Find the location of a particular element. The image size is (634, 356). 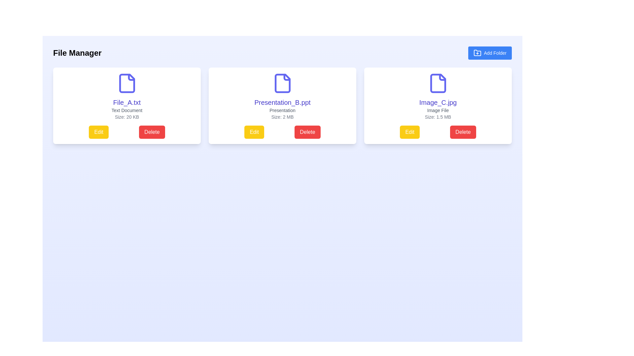

the delete button located below the card labeled 'Presentation_B.ppt' in the second column of the grid layout is located at coordinates (307, 132).